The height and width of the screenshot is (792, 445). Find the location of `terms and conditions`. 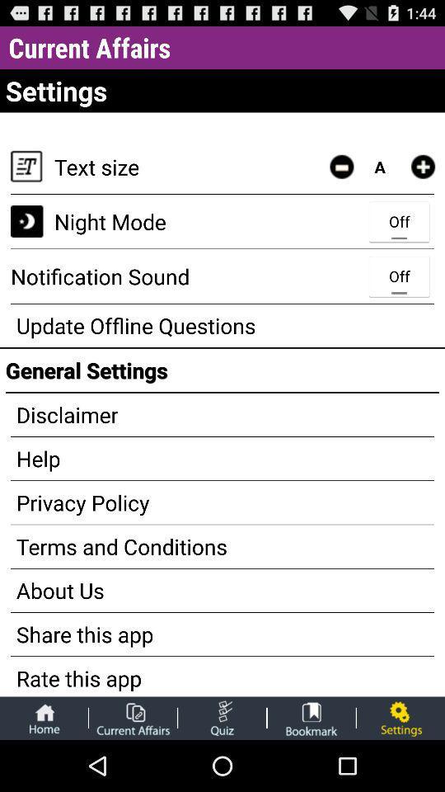

terms and conditions is located at coordinates (222, 546).